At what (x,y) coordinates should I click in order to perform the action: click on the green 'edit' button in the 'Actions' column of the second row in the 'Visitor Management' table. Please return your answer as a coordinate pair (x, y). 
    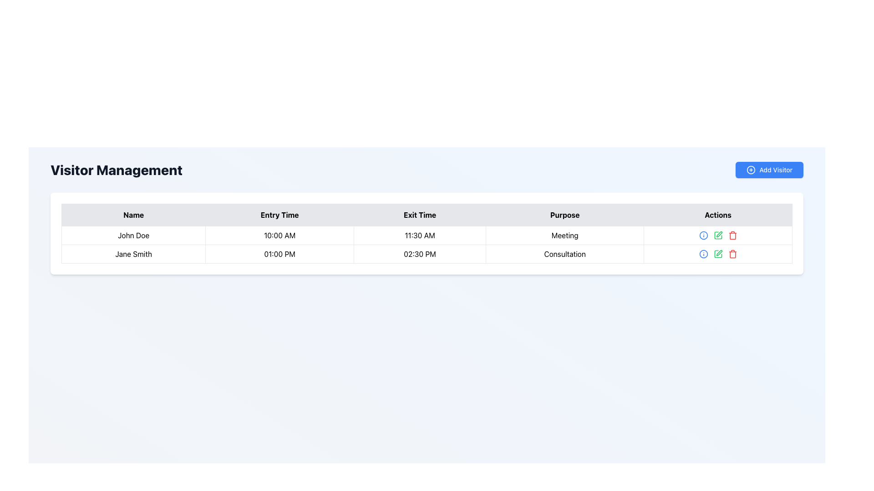
    Looking at the image, I should click on (717, 254).